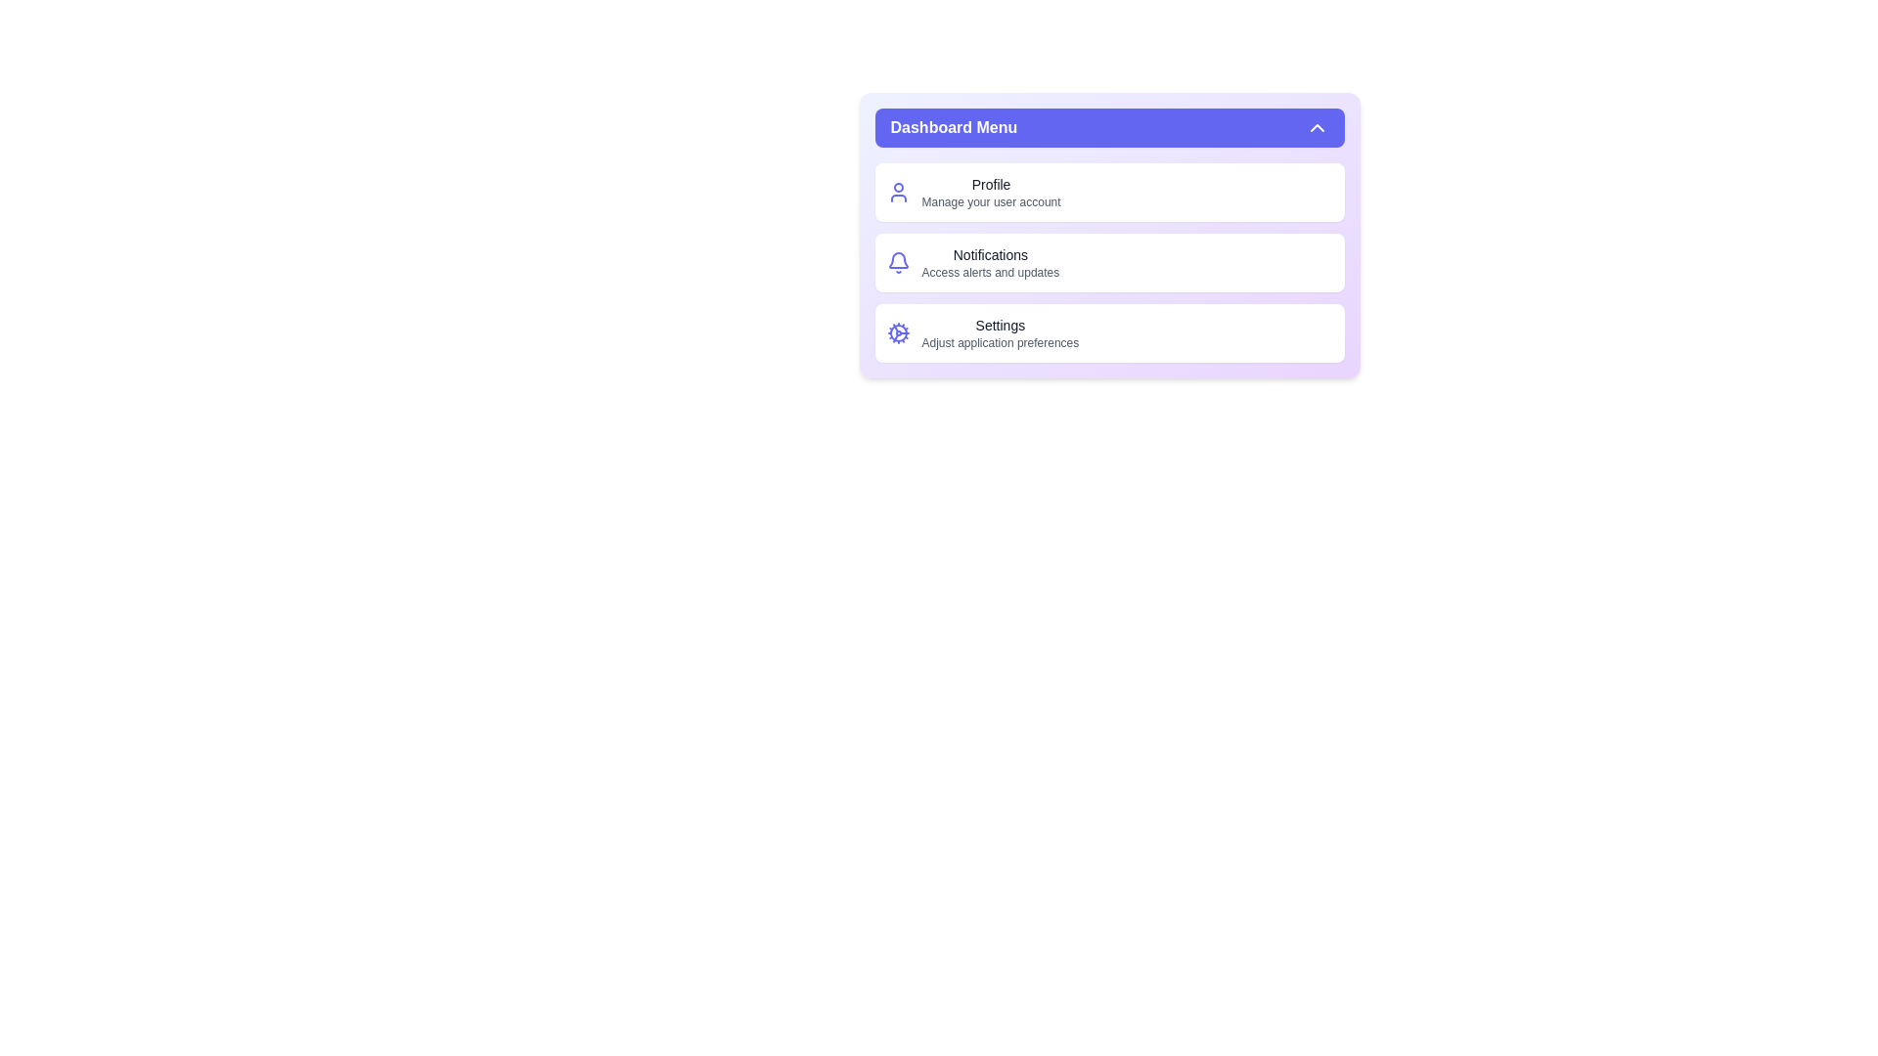 This screenshot has width=1878, height=1056. Describe the element at coordinates (991, 185) in the screenshot. I see `the 'Profile' section to view its content` at that location.